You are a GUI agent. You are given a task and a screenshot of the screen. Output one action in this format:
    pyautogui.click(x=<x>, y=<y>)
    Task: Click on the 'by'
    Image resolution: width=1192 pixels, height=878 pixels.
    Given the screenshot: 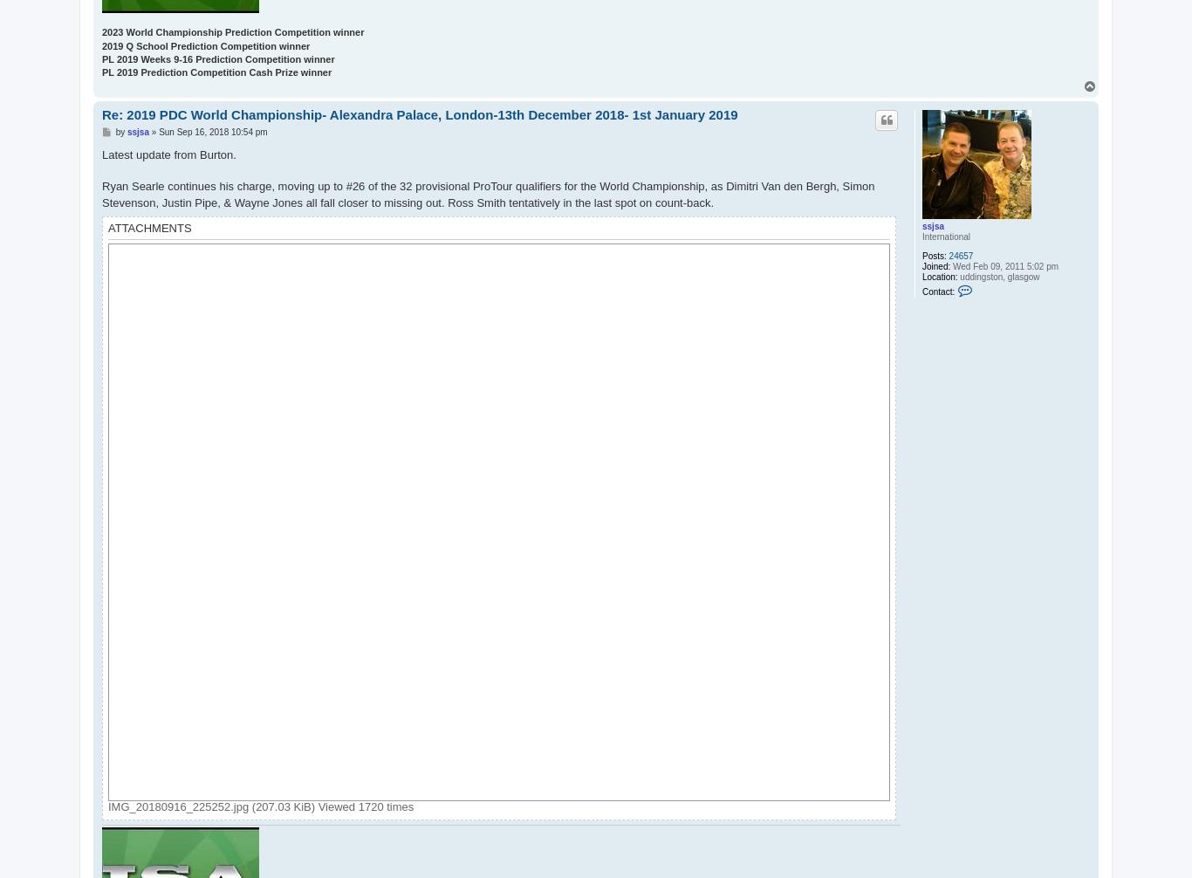 What is the action you would take?
    pyautogui.click(x=120, y=132)
    